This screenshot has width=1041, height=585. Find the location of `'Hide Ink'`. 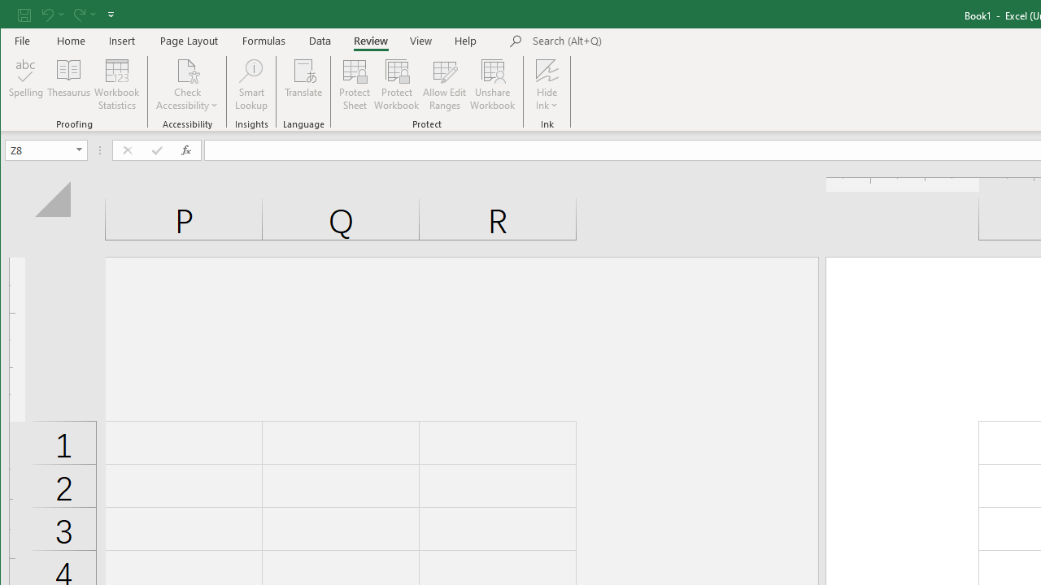

'Hide Ink' is located at coordinates (547, 69).